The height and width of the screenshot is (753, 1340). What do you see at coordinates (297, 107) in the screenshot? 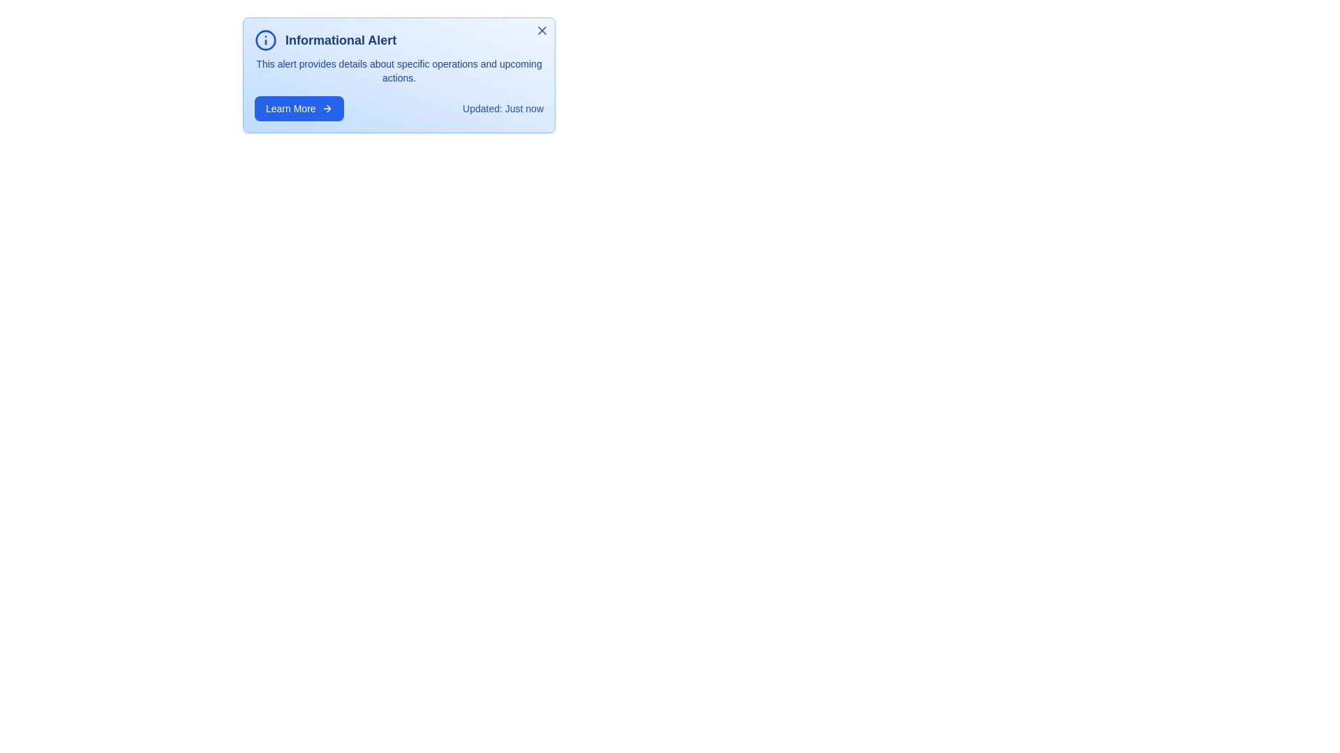
I see `the 'Learn More' button to access more information` at bounding box center [297, 107].